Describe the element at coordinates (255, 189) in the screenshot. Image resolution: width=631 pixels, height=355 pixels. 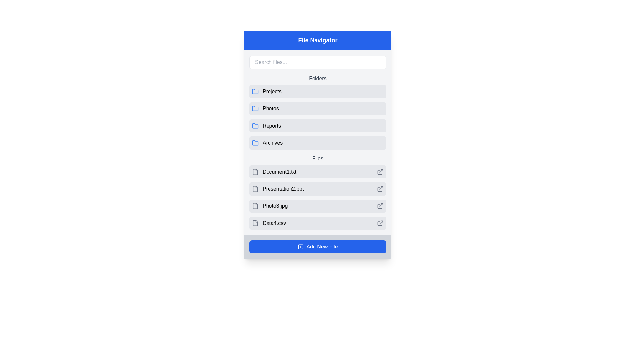
I see `the file icon representing 'Presentation2.ppt' located in the 'Files' section of the layout` at that location.